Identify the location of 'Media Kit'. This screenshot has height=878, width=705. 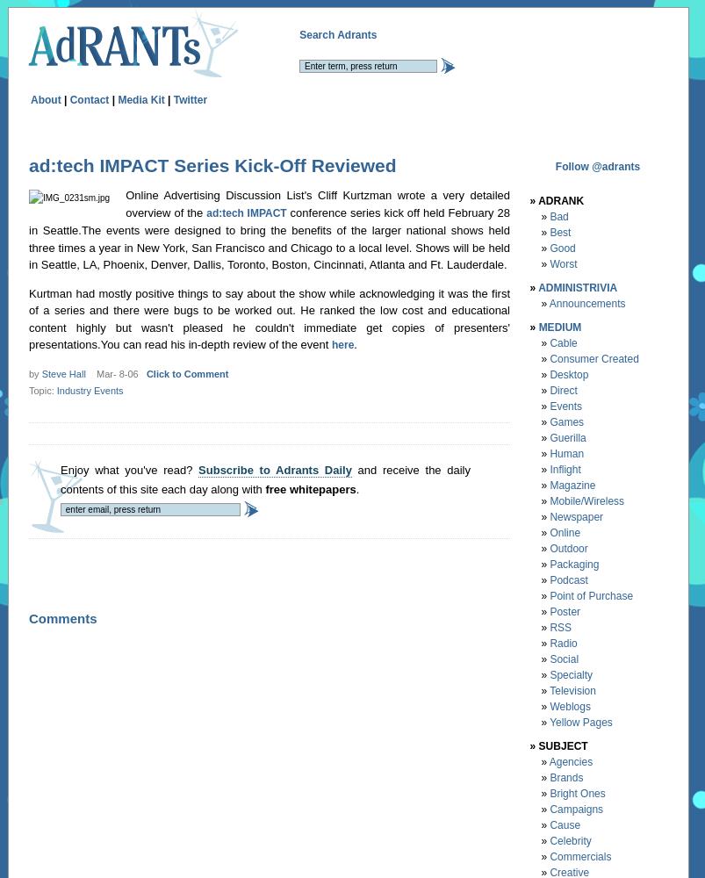
(118, 98).